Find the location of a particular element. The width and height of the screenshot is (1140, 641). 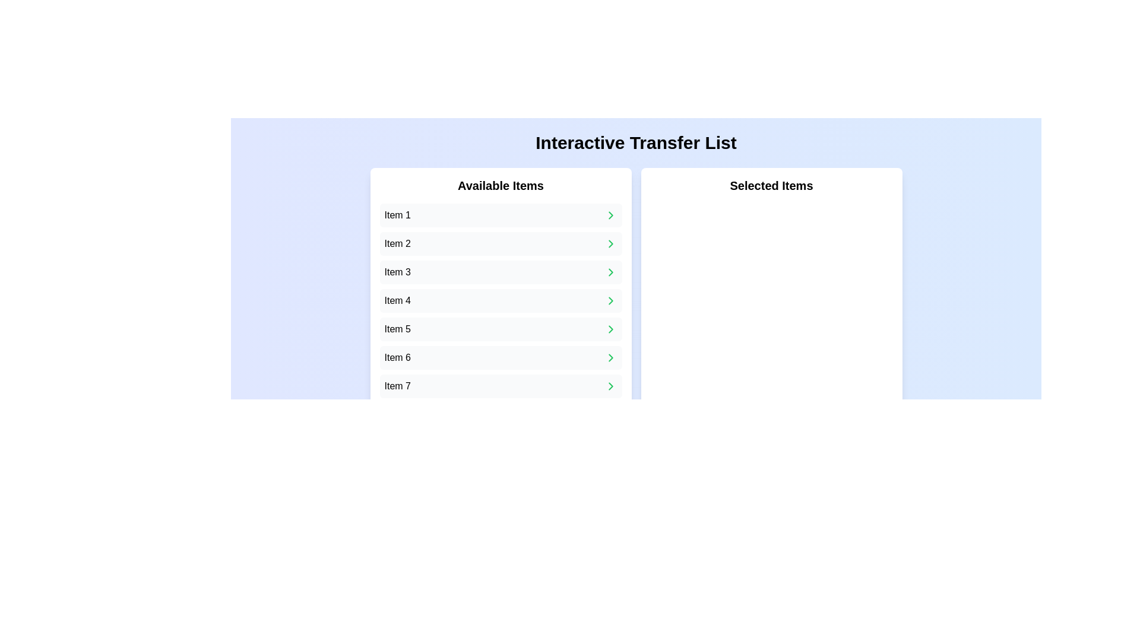

the right-pointing chevron icon next to 'Item 3' in the 'Available Items' section is located at coordinates (610, 272).